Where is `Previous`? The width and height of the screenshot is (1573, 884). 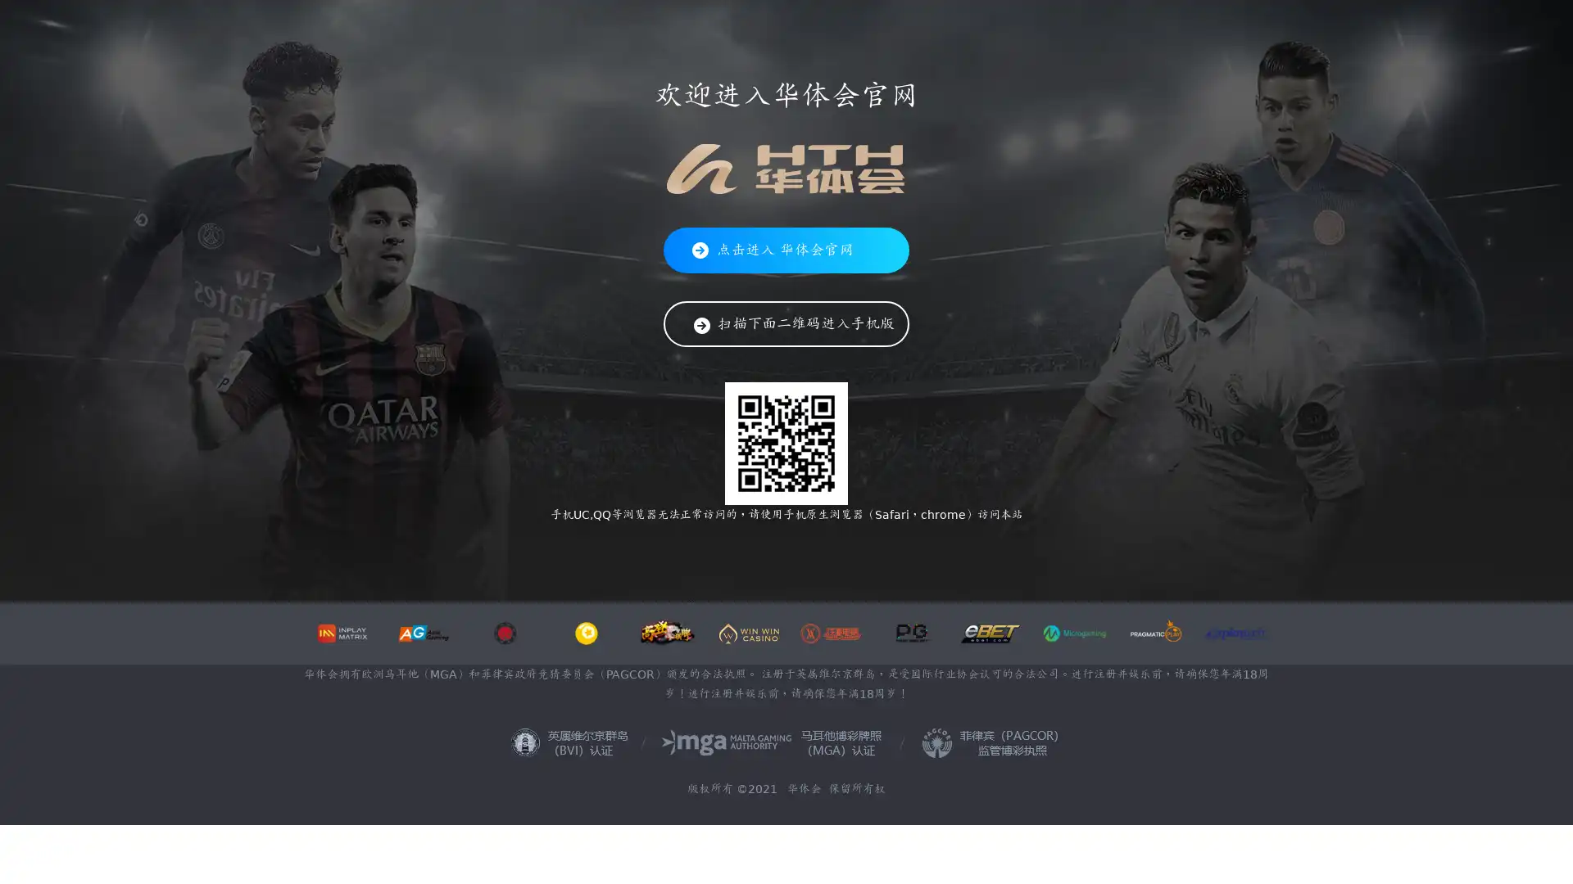
Previous is located at coordinates (333, 767).